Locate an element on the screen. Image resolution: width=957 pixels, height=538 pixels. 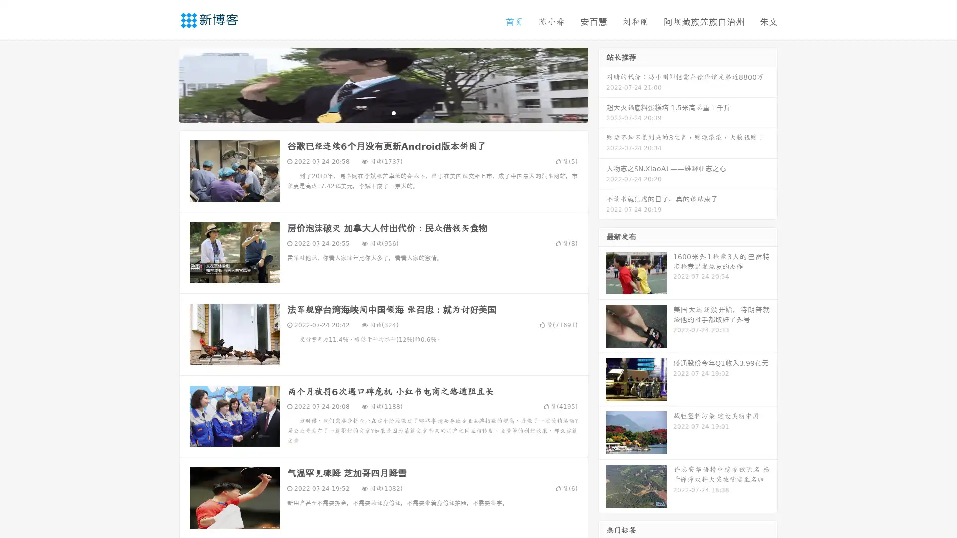
Next slide is located at coordinates (602, 84).